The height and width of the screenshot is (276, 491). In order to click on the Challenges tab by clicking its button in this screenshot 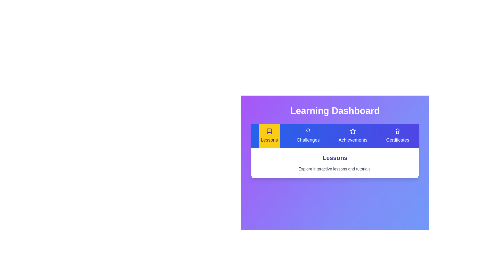, I will do `click(308, 136)`.